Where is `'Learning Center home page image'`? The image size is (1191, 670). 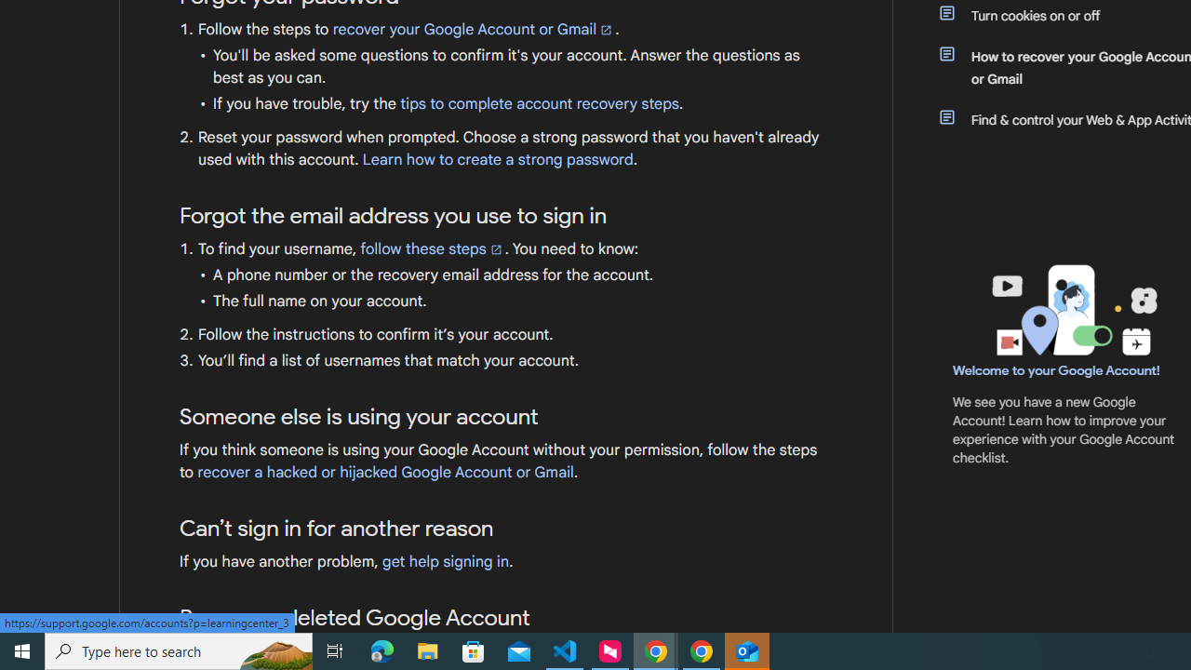
'Learning Center home page image' is located at coordinates (1072, 309).